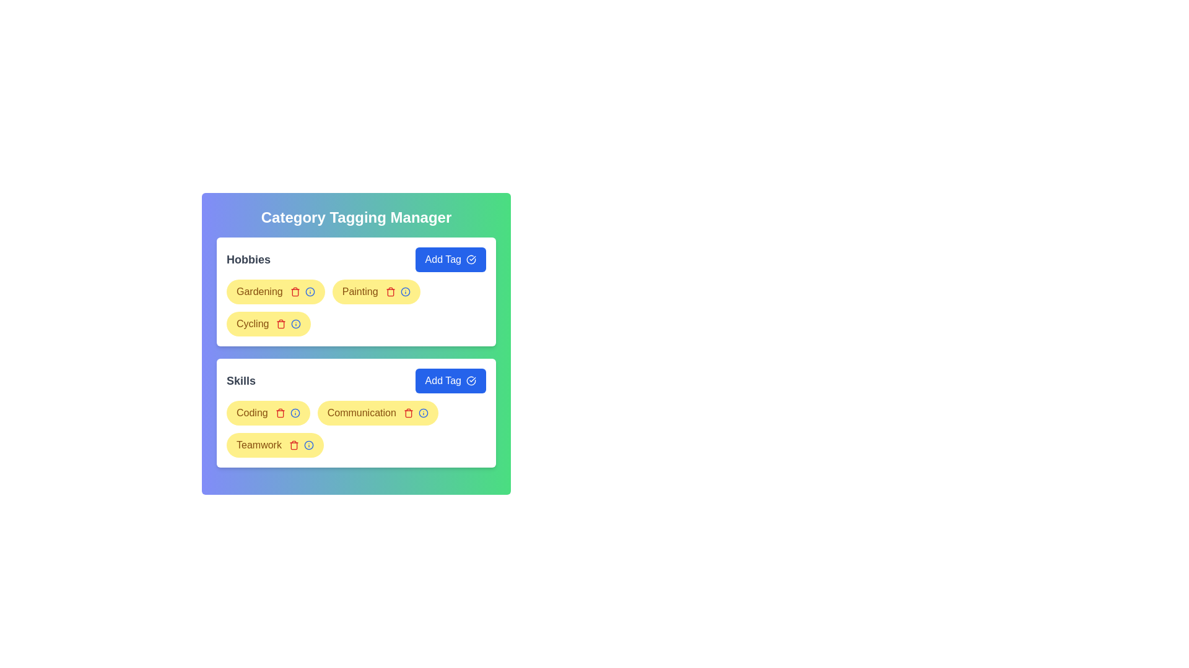 This screenshot has height=668, width=1189. What do you see at coordinates (375, 291) in the screenshot?
I see `the trash icon associated with the user-defined tag labeled 'Painting'` at bounding box center [375, 291].